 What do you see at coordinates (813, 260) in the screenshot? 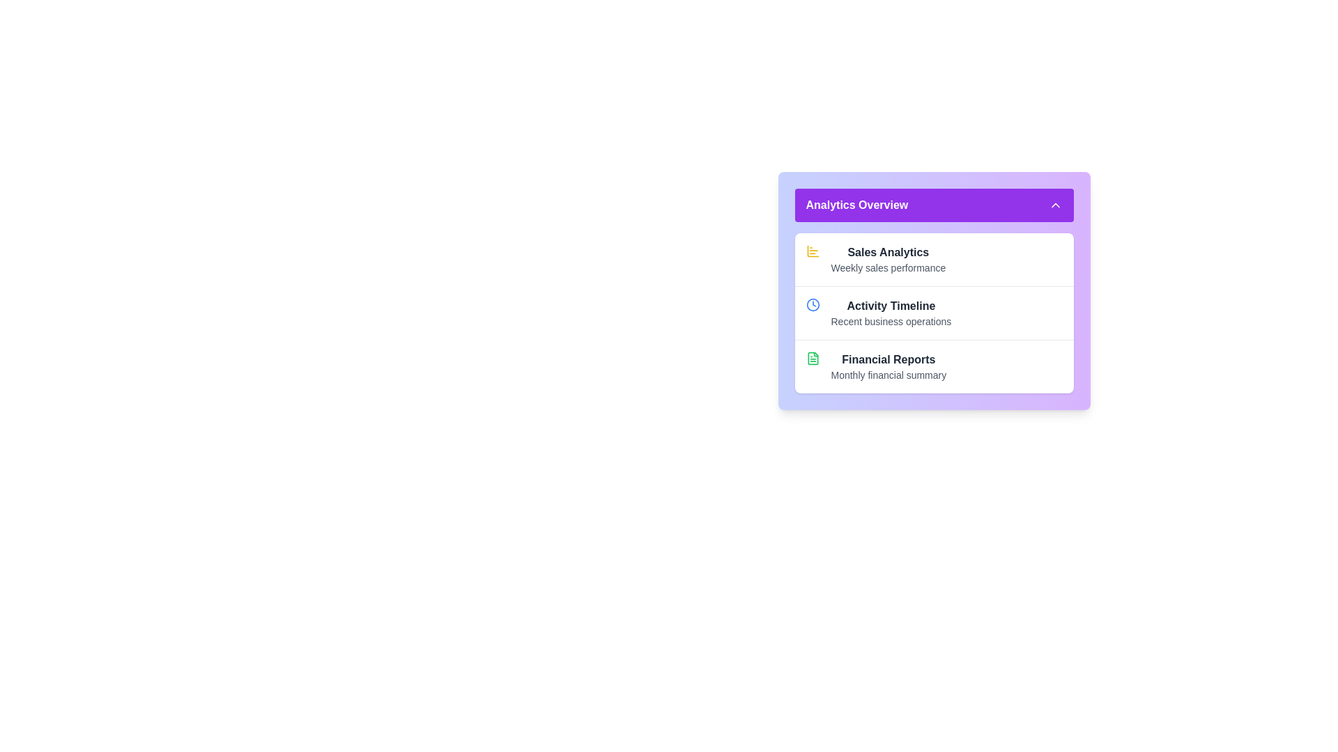
I see `the yellow bar chart icon located in the 'Sales Analytics' section, positioned to the left of the 'Sales Analytics' label` at bounding box center [813, 260].